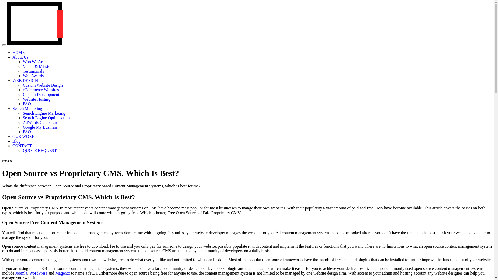  I want to click on 'eCommerce Websites', so click(40, 89).